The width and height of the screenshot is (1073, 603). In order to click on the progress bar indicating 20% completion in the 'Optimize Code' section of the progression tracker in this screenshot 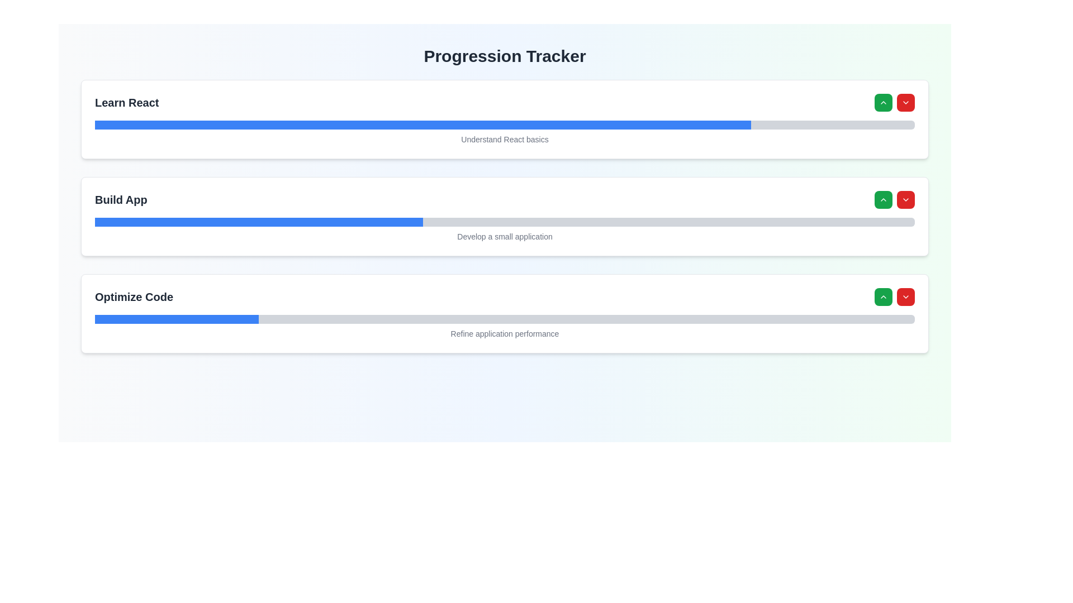, I will do `click(504, 319)`.